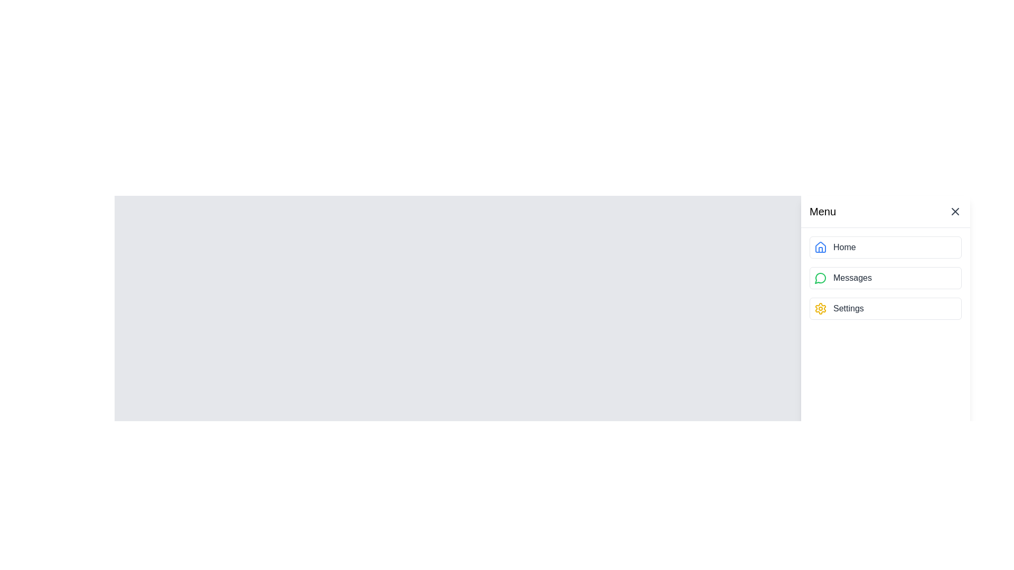 The image size is (1014, 570). I want to click on the 'Settings' text label in the sidebar menu, which is located below 'Home' and 'Messages' and next to the gear icon, so click(848, 309).